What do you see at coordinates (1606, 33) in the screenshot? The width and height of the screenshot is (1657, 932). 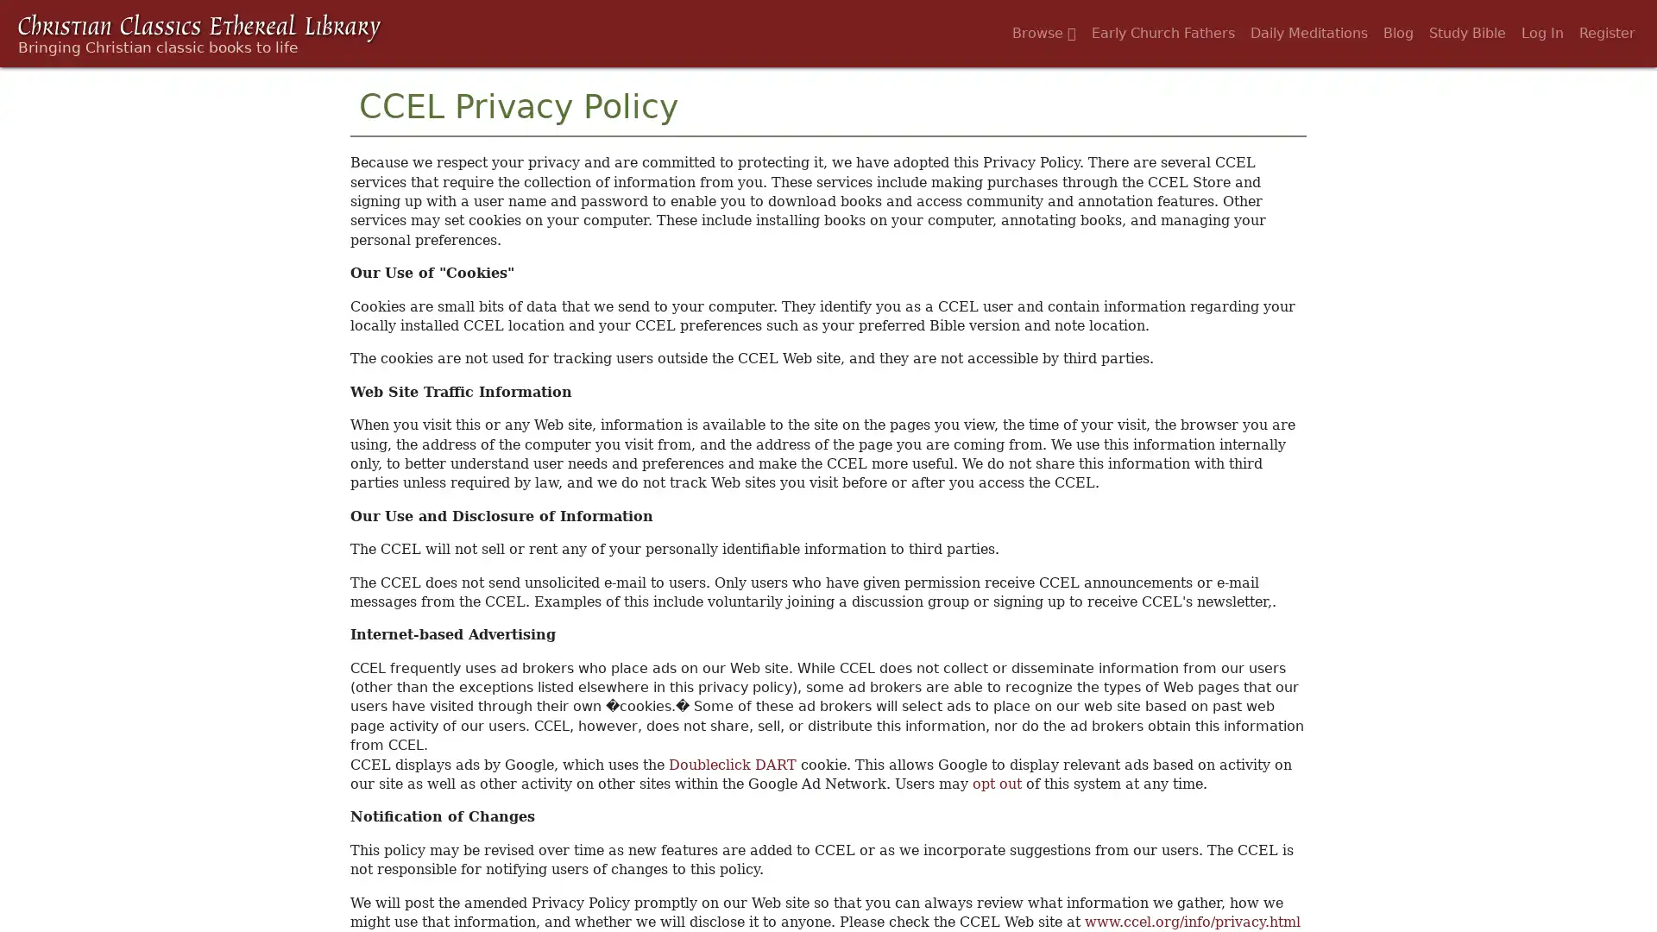 I see `Register` at bounding box center [1606, 33].